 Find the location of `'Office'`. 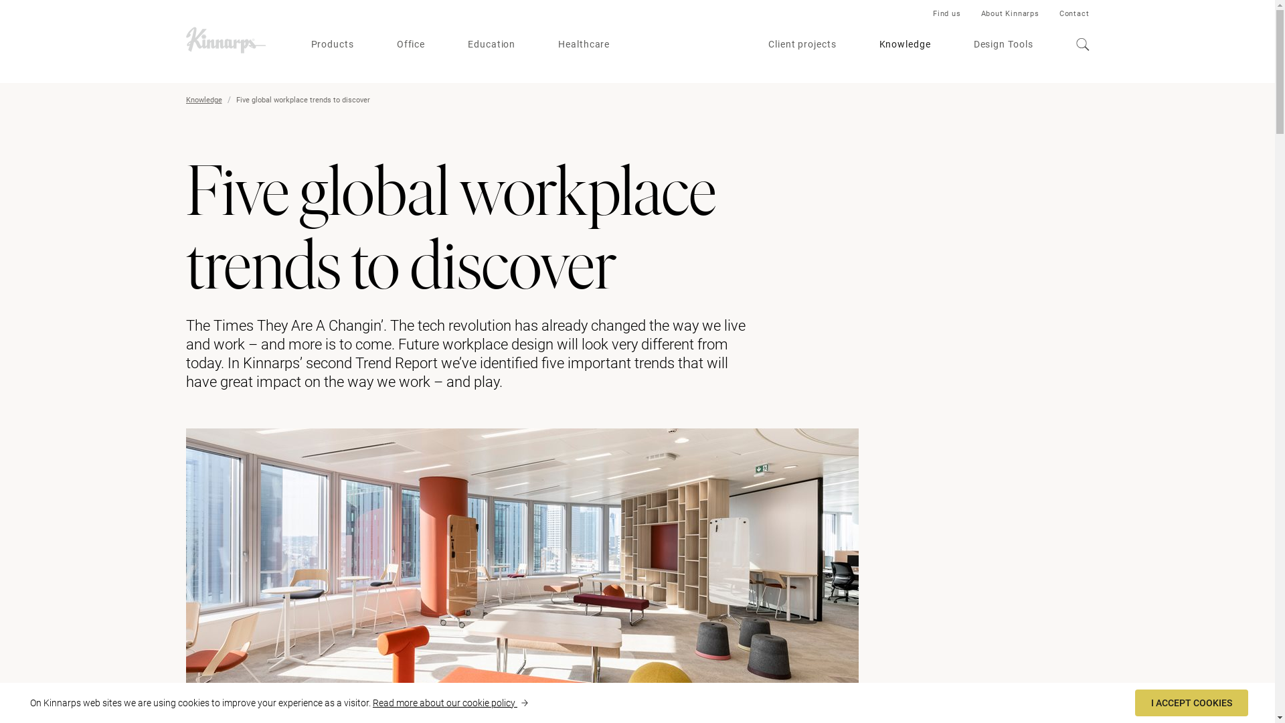

'Office' is located at coordinates (410, 44).